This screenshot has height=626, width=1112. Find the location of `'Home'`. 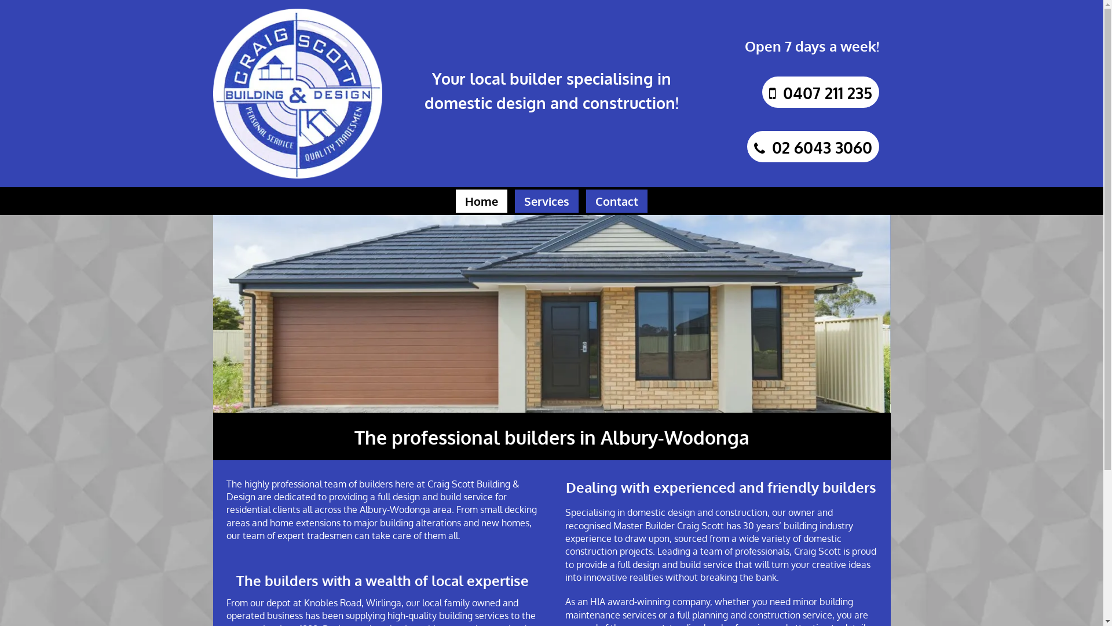

'Home' is located at coordinates (481, 200).